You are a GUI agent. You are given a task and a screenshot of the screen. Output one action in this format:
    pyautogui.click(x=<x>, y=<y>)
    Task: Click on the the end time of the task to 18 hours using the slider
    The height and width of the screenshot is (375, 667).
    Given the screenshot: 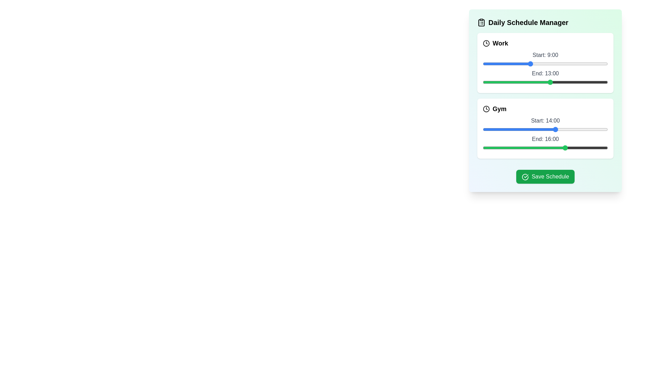 What is the action you would take?
    pyautogui.click(x=577, y=82)
    